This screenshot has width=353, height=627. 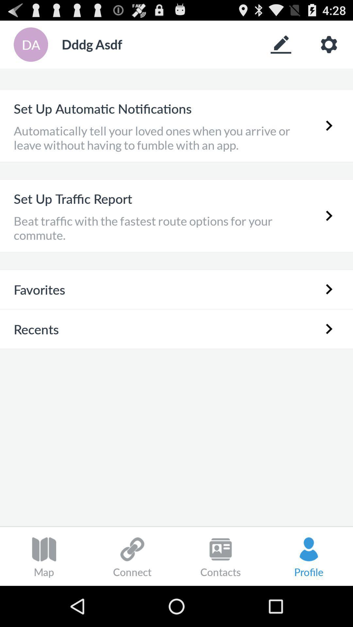 I want to click on review settings, so click(x=329, y=44).